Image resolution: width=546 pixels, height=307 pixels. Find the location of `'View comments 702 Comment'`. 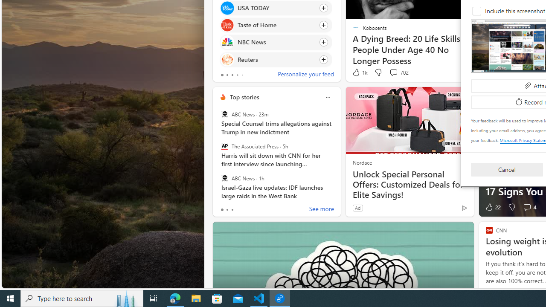

'View comments 702 Comment' is located at coordinates (393, 72).